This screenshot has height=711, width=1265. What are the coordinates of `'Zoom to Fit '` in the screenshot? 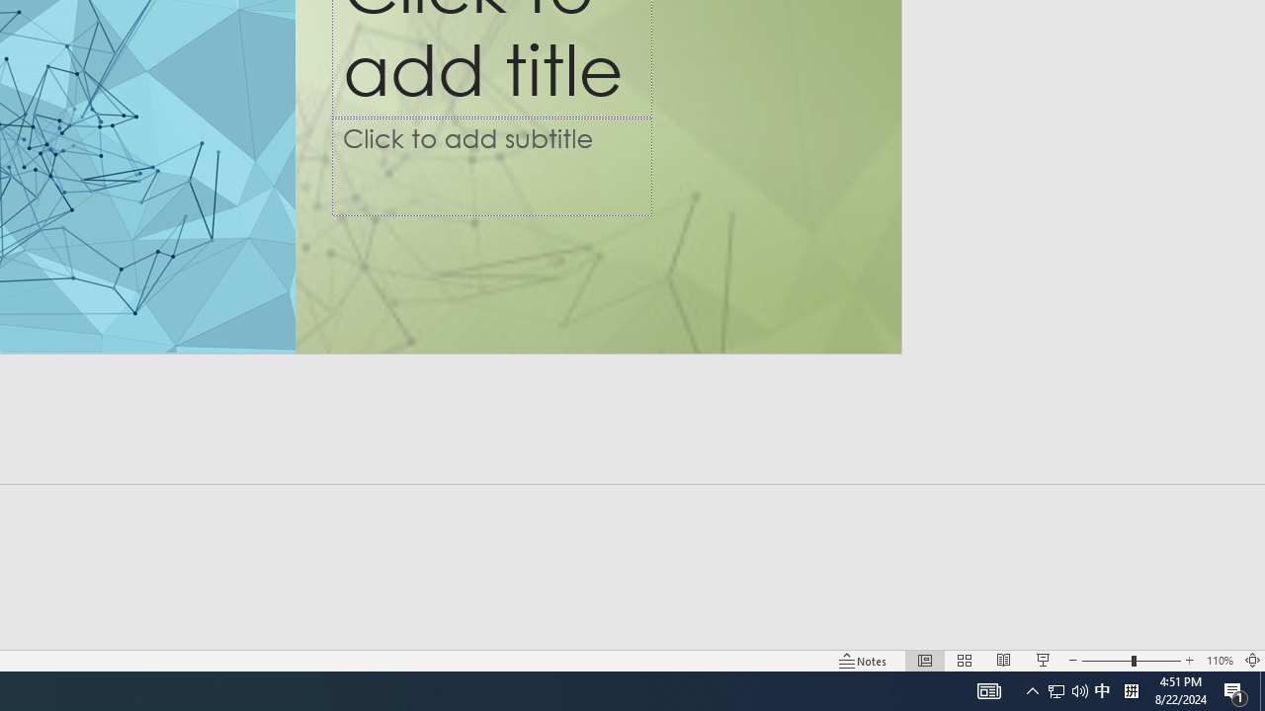 It's located at (1251, 661).